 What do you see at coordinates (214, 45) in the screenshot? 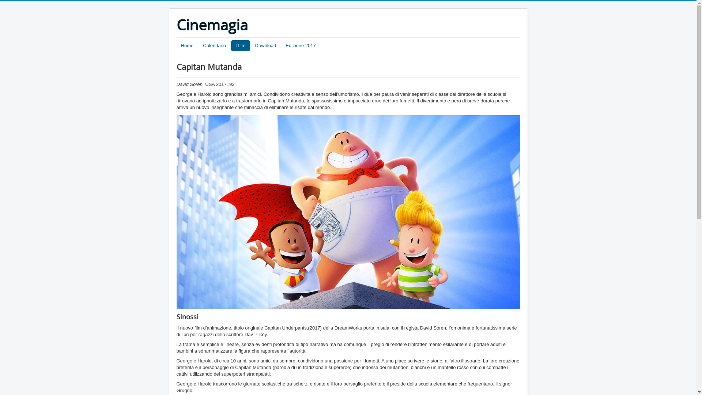
I see `'Calendario'` at bounding box center [214, 45].